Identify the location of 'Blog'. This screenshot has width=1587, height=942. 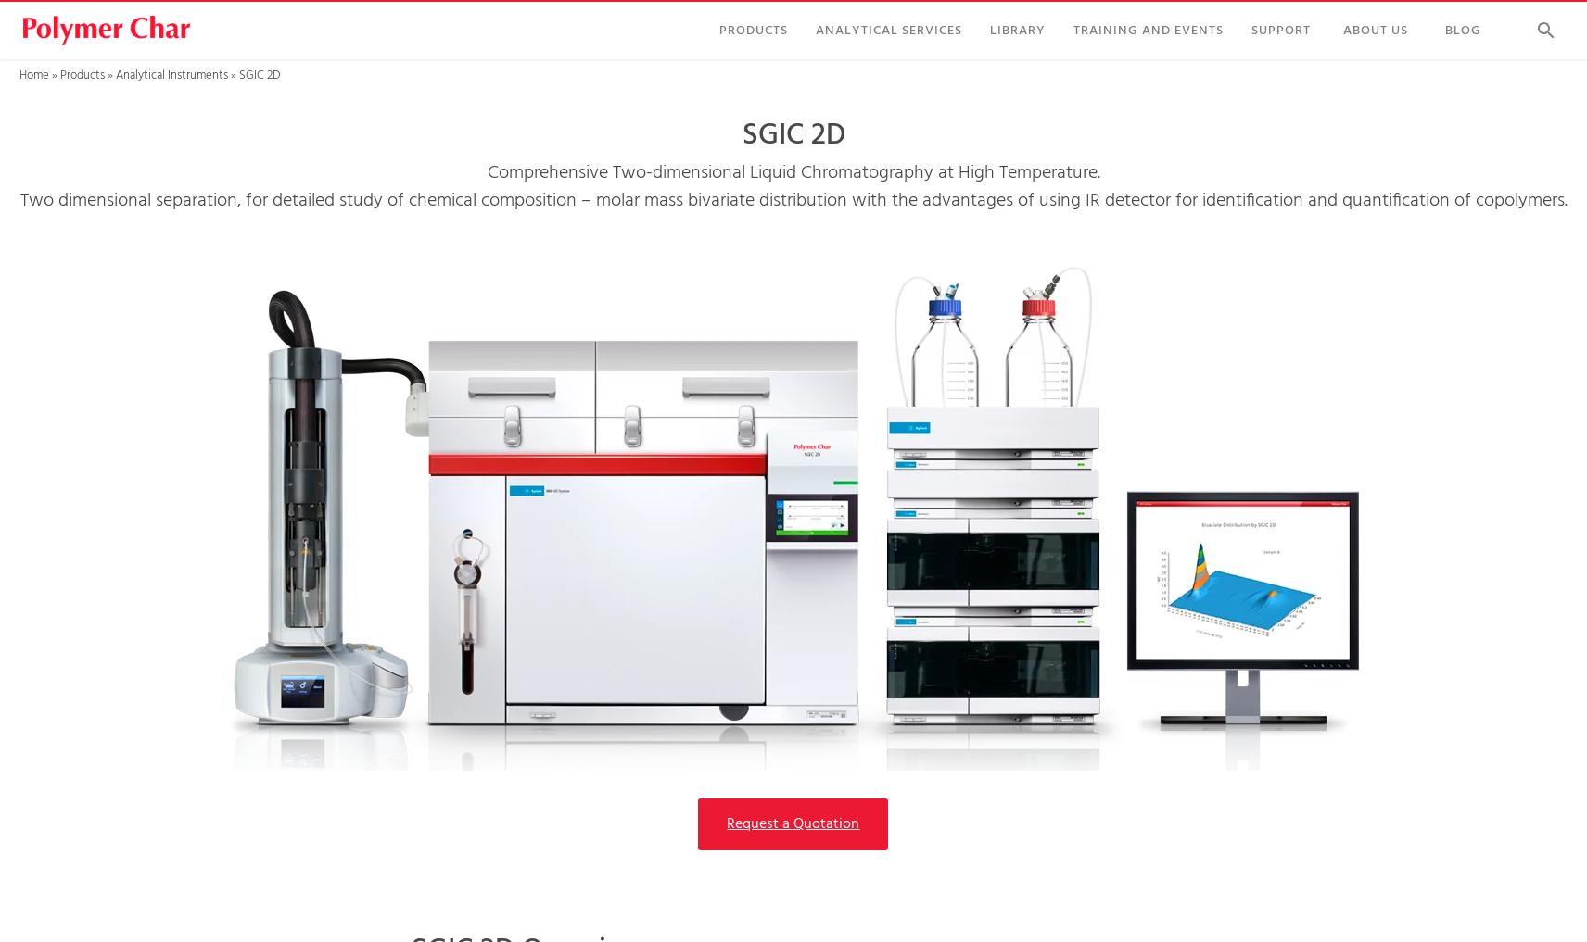
(1463, 29).